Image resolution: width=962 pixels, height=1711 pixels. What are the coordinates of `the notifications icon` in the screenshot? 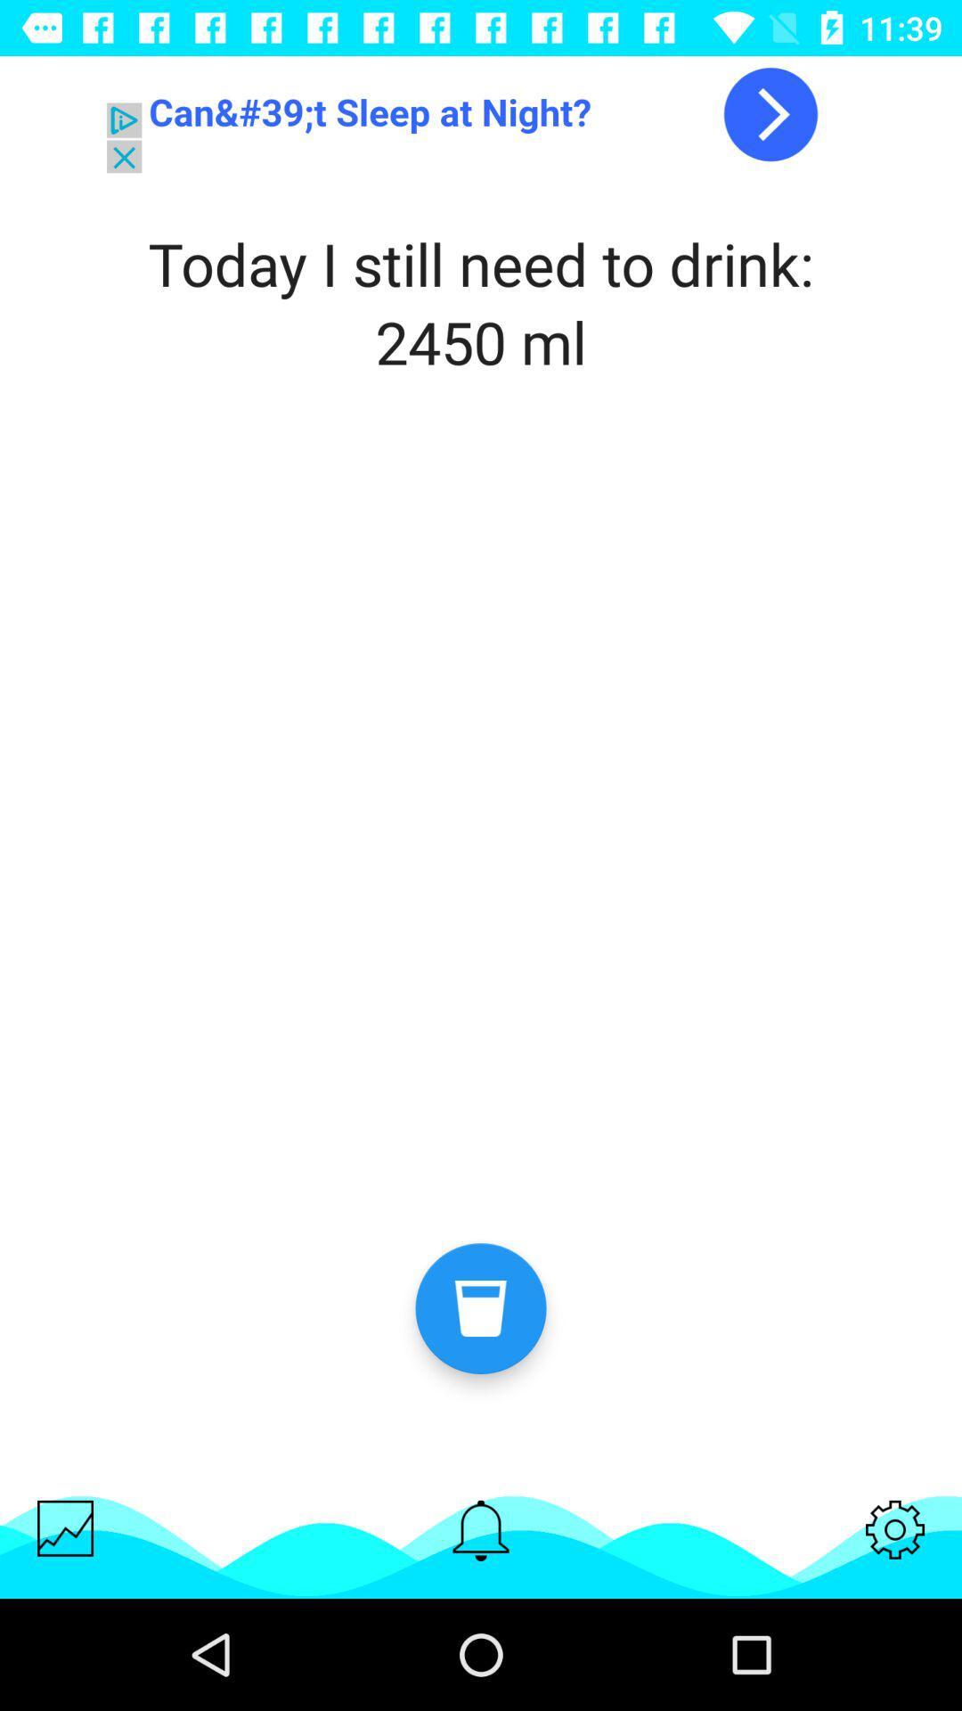 It's located at (481, 1529).